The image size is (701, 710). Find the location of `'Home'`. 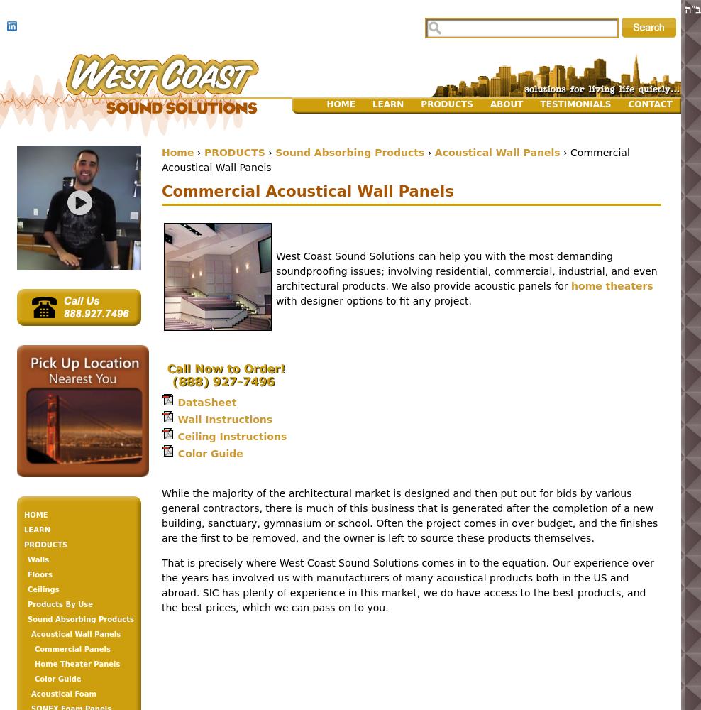

'Home' is located at coordinates (177, 152).